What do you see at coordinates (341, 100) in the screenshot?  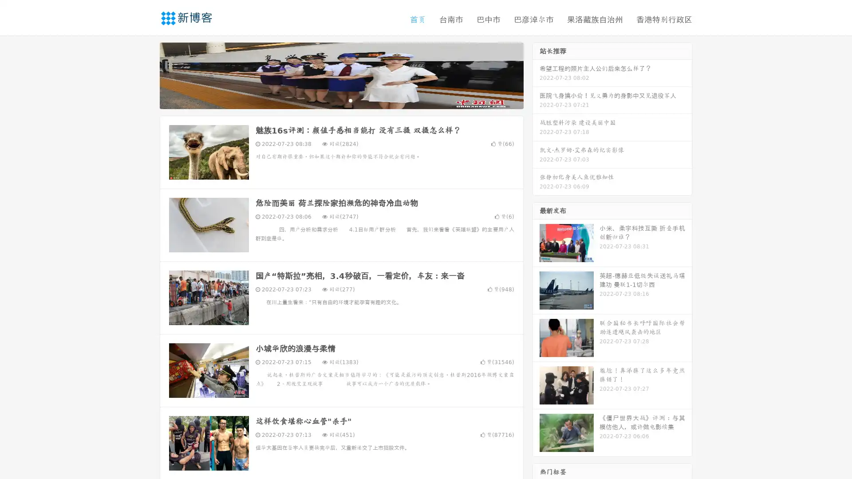 I see `Go to slide 2` at bounding box center [341, 100].